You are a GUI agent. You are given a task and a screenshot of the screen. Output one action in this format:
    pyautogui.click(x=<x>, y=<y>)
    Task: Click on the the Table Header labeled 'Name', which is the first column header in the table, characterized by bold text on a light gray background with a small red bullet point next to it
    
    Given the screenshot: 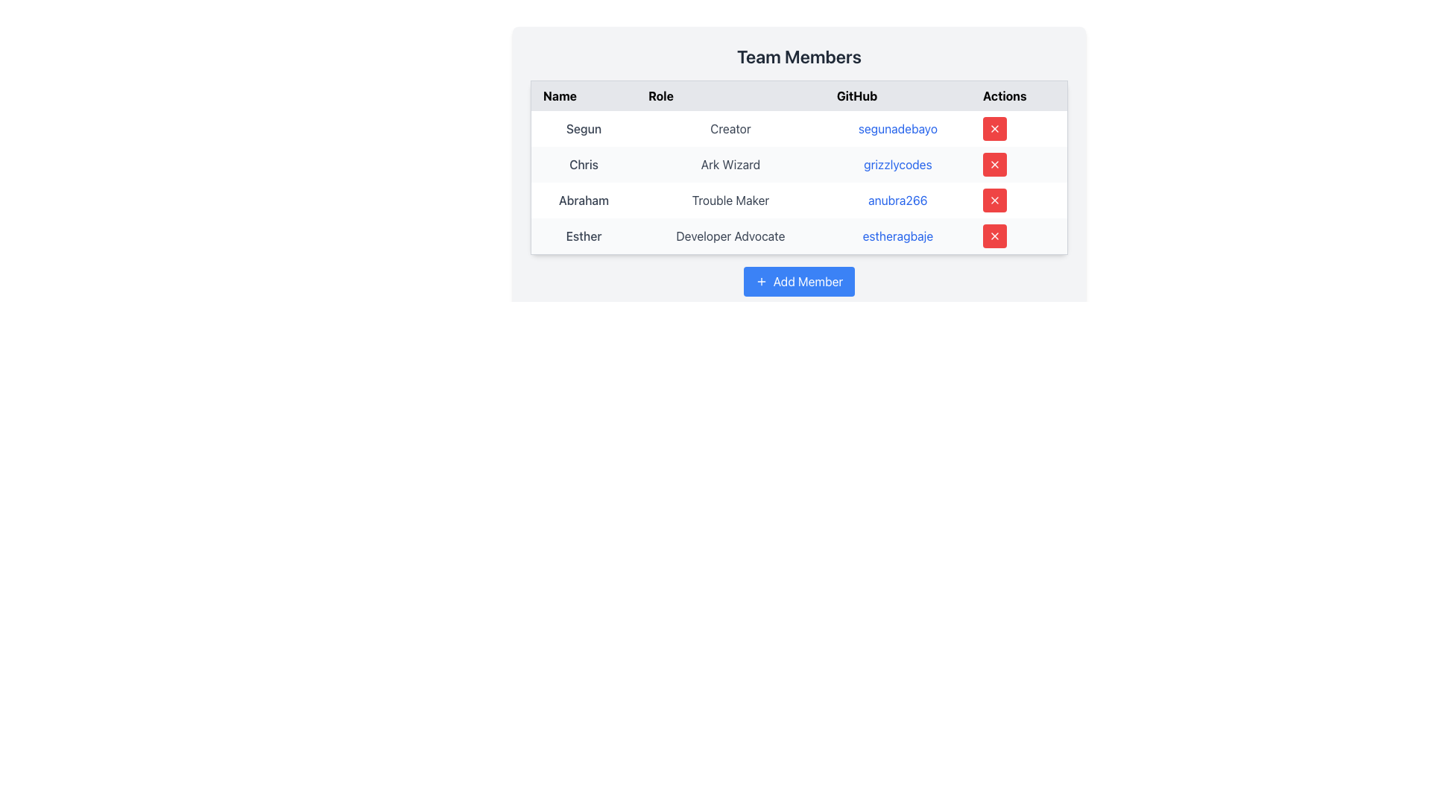 What is the action you would take?
    pyautogui.click(x=583, y=95)
    